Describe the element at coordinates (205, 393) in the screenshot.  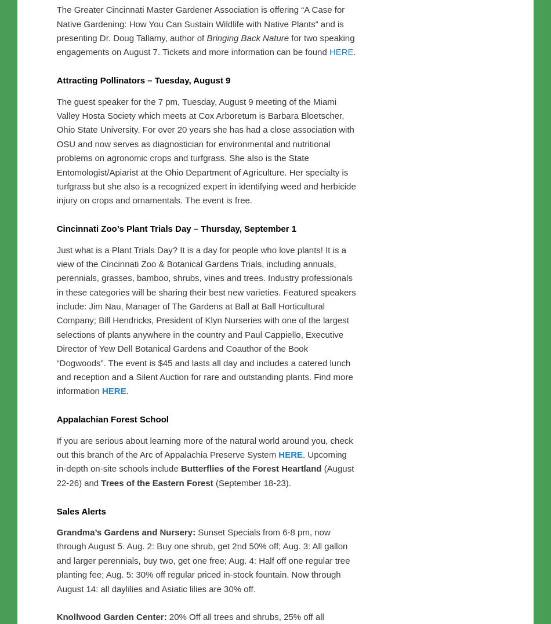
I see `'The guest speaker for the 7 pm, Tuesday, August 9 meeting of the Miami Valley Hosta Society which meets at Cox Arboretum is Barbara Bloetscher, Ohio State University. For over 20 years she has had a close association with OSU and now serves as diagnostician for environmental and nutritional problems on agronomic crops and turfgrass. She also is the State Entomologist/Apiarist at the Ohio Department of Agriculture. Her specialty is turfgrass but she also is a recognized expert in identifying weed and herbicide injury on crops and ornamentals. The event is free.'` at that location.